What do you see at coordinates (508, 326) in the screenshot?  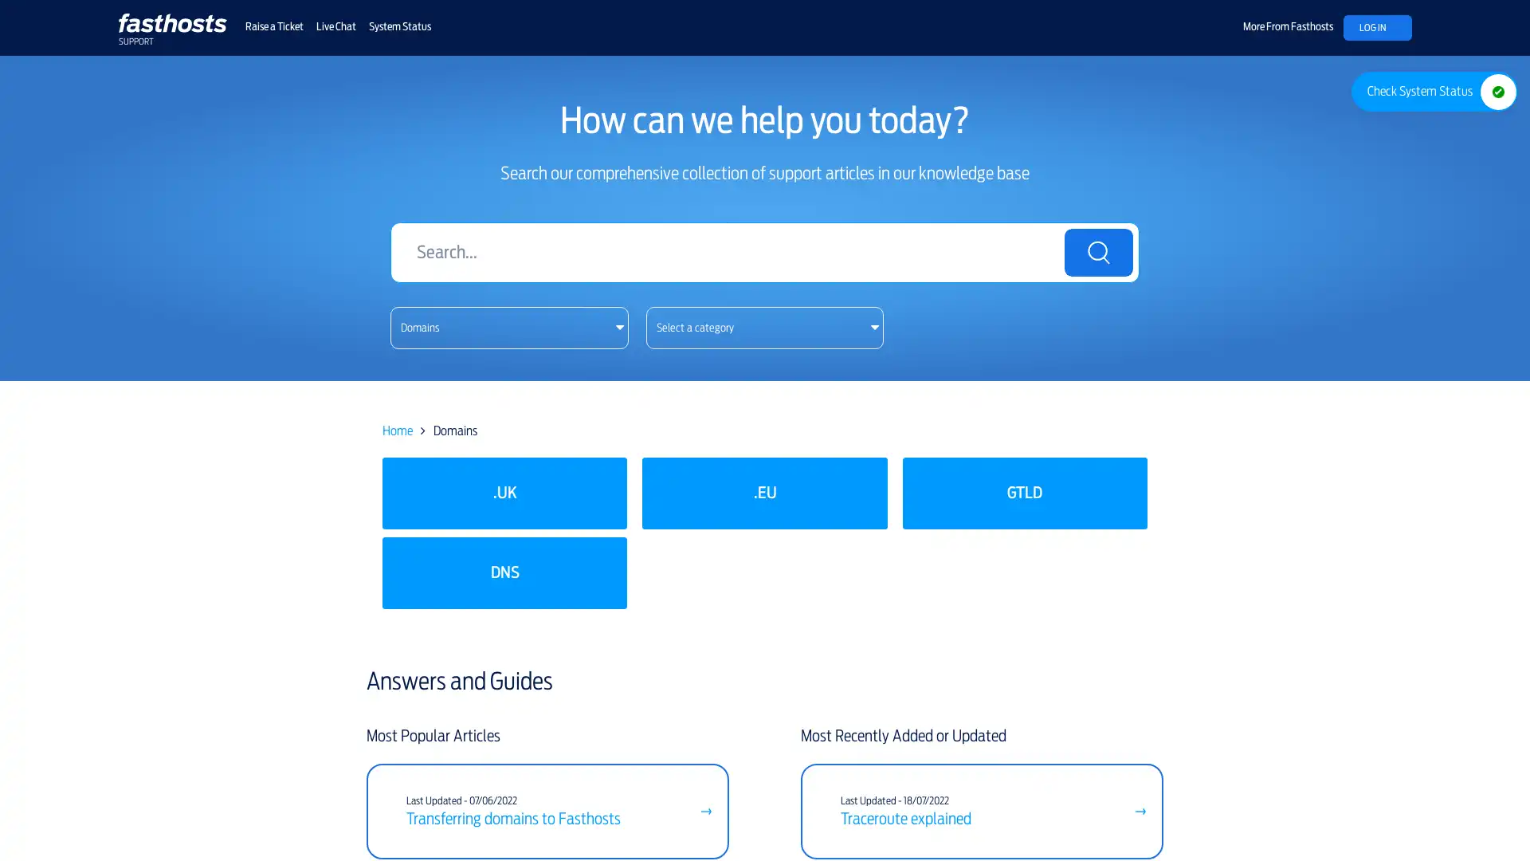 I see `This button does not work with screen readers. Please use the previous link instead. Domains` at bounding box center [508, 326].